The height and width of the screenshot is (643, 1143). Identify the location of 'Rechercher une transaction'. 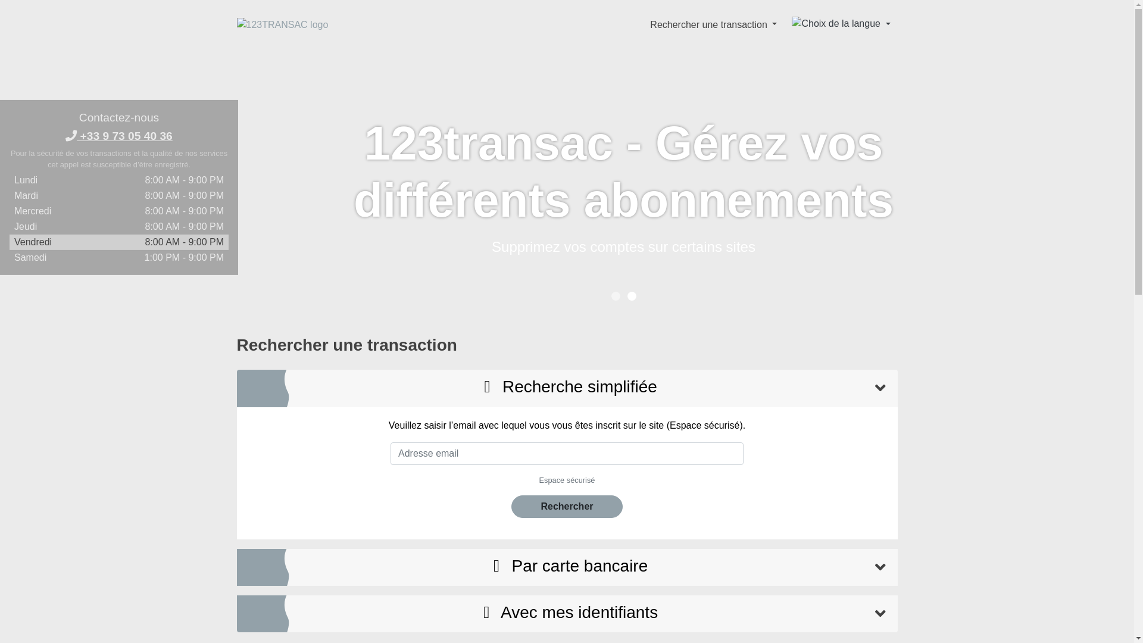
(713, 24).